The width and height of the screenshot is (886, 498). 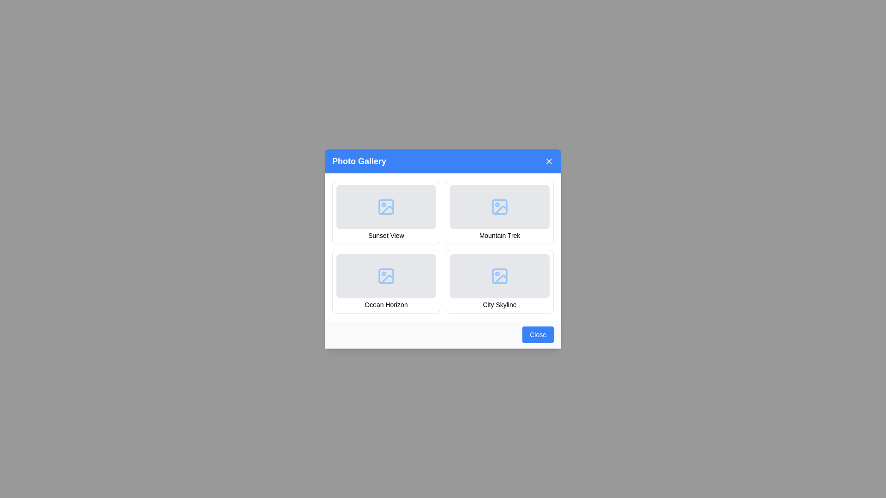 I want to click on the image placeholder for 'Sunset View', so click(x=386, y=206).